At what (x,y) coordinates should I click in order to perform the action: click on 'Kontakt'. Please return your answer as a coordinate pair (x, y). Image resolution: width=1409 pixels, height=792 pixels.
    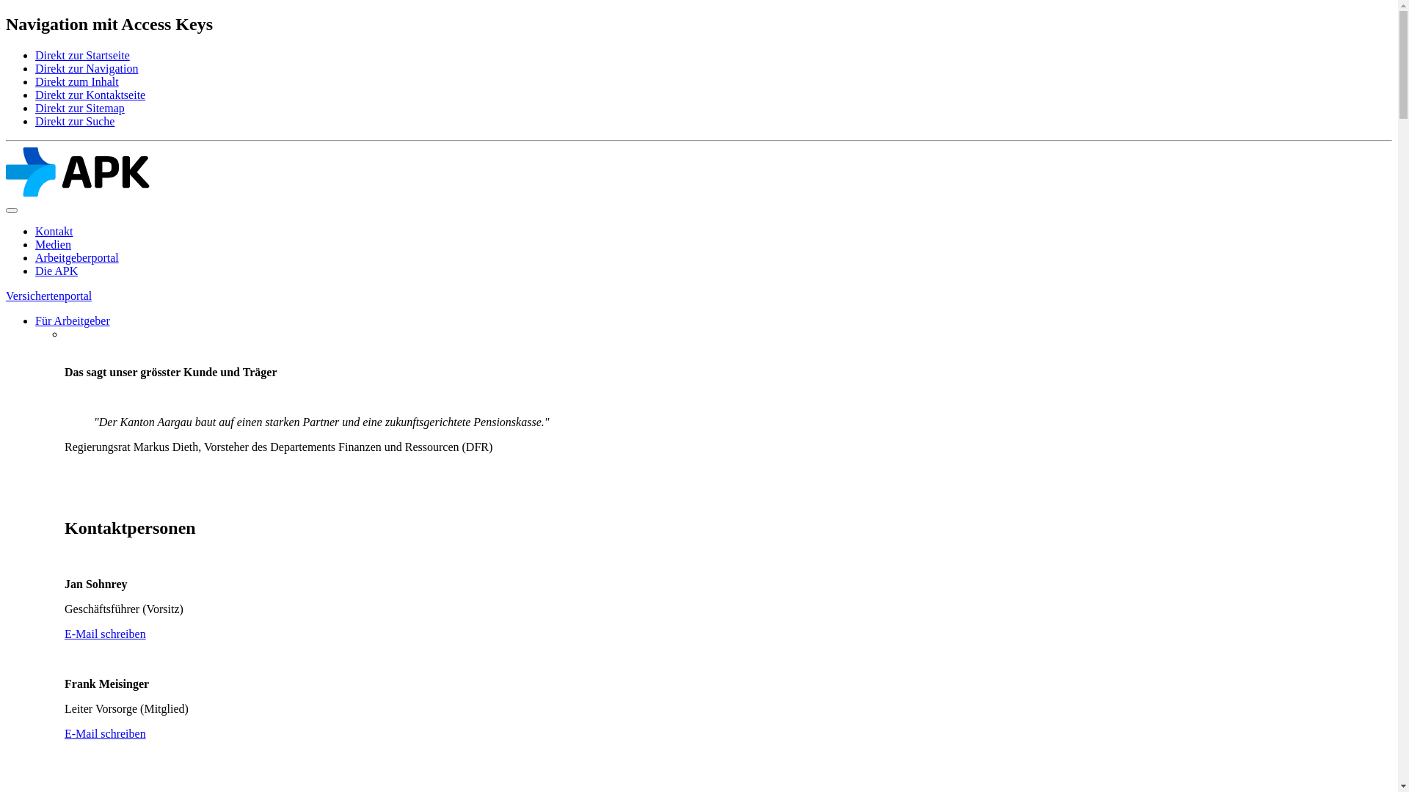
    Looking at the image, I should click on (54, 231).